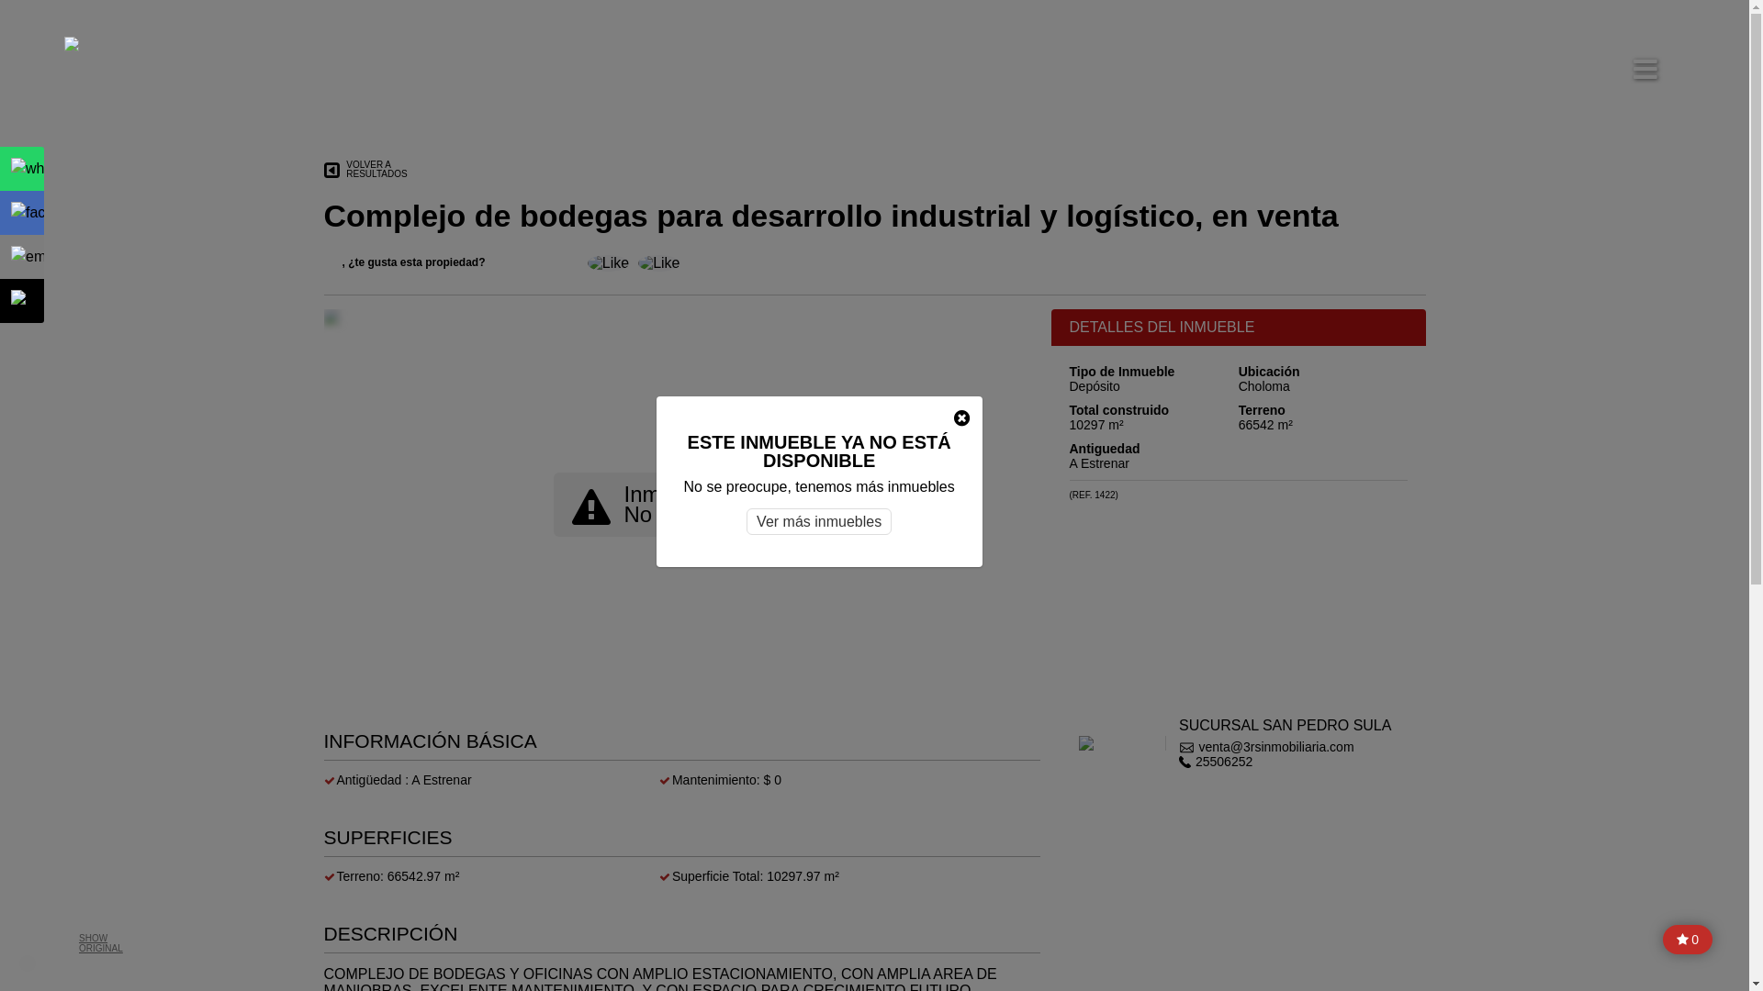 This screenshot has height=991, width=1763. What do you see at coordinates (322, 170) in the screenshot?
I see `'VOLVER A` at bounding box center [322, 170].